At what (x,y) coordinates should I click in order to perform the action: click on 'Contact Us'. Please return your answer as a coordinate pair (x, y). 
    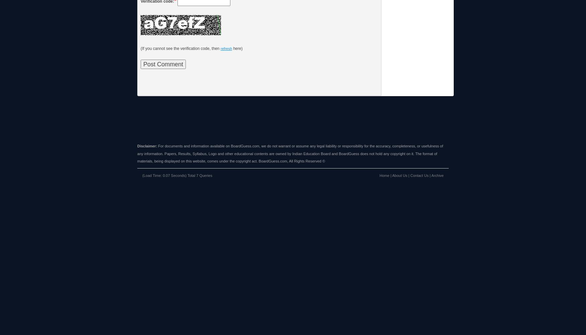
    Looking at the image, I should click on (419, 175).